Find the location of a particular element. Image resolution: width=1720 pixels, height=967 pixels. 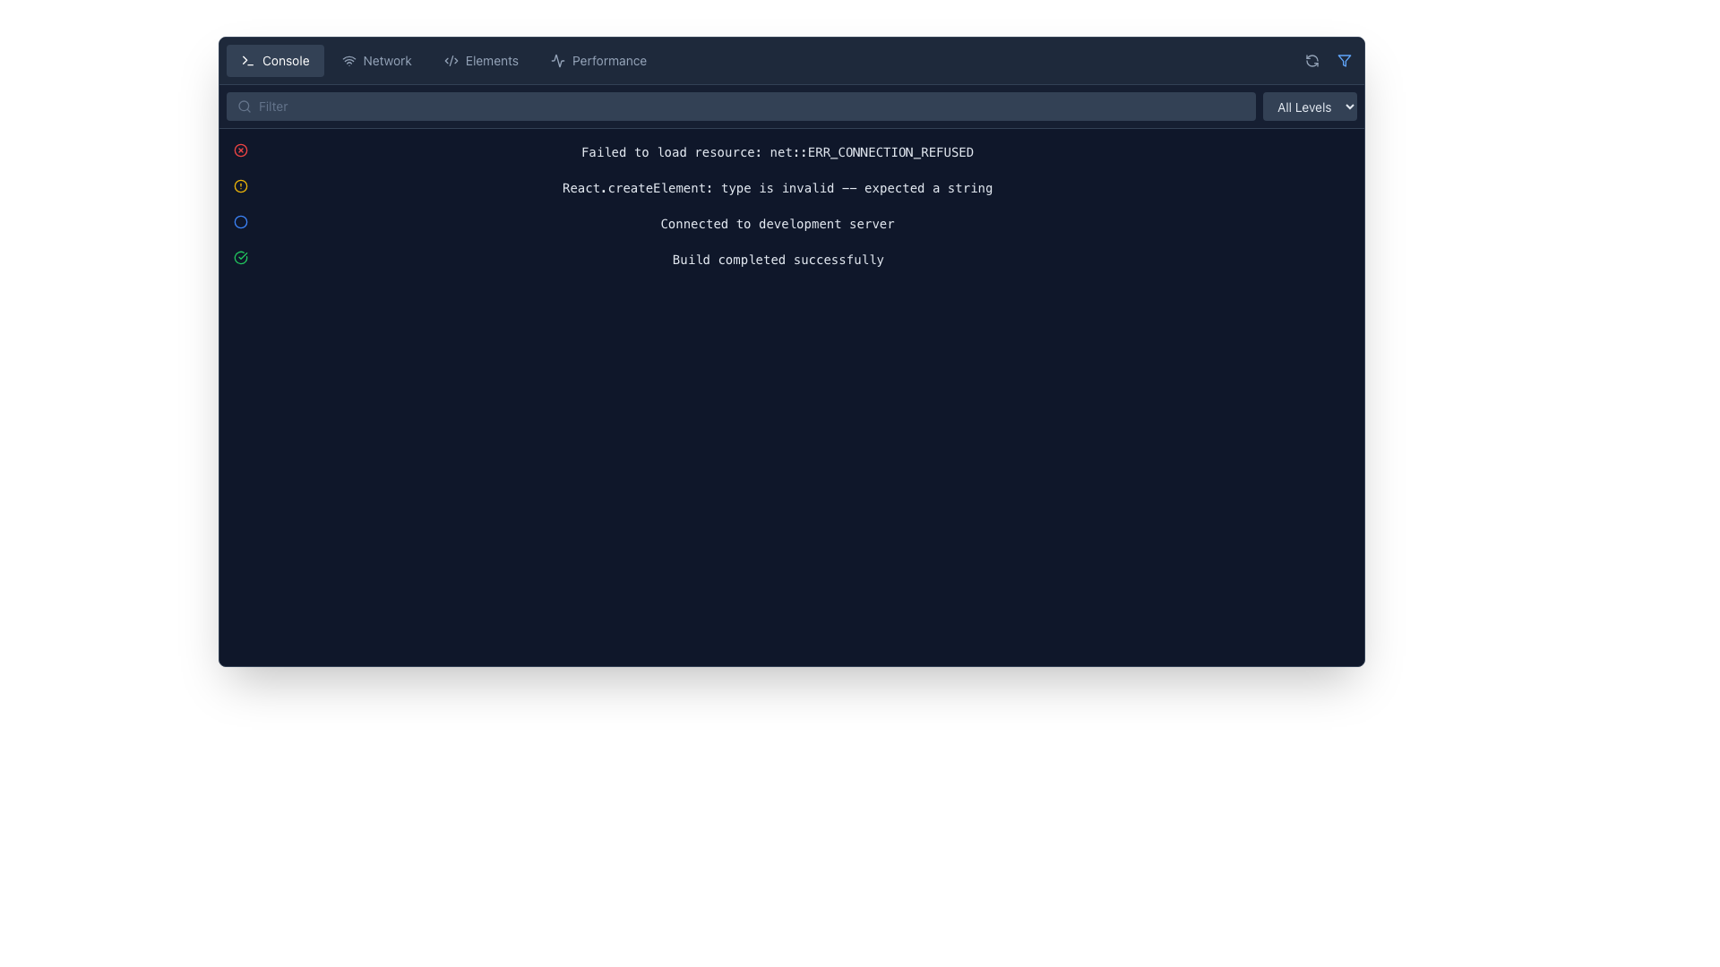

the WiFi icon, which is a vector graphic with concentric curved lines and a central dot, located in the top-left navigation section near the 'Network' text is located at coordinates (348, 60).